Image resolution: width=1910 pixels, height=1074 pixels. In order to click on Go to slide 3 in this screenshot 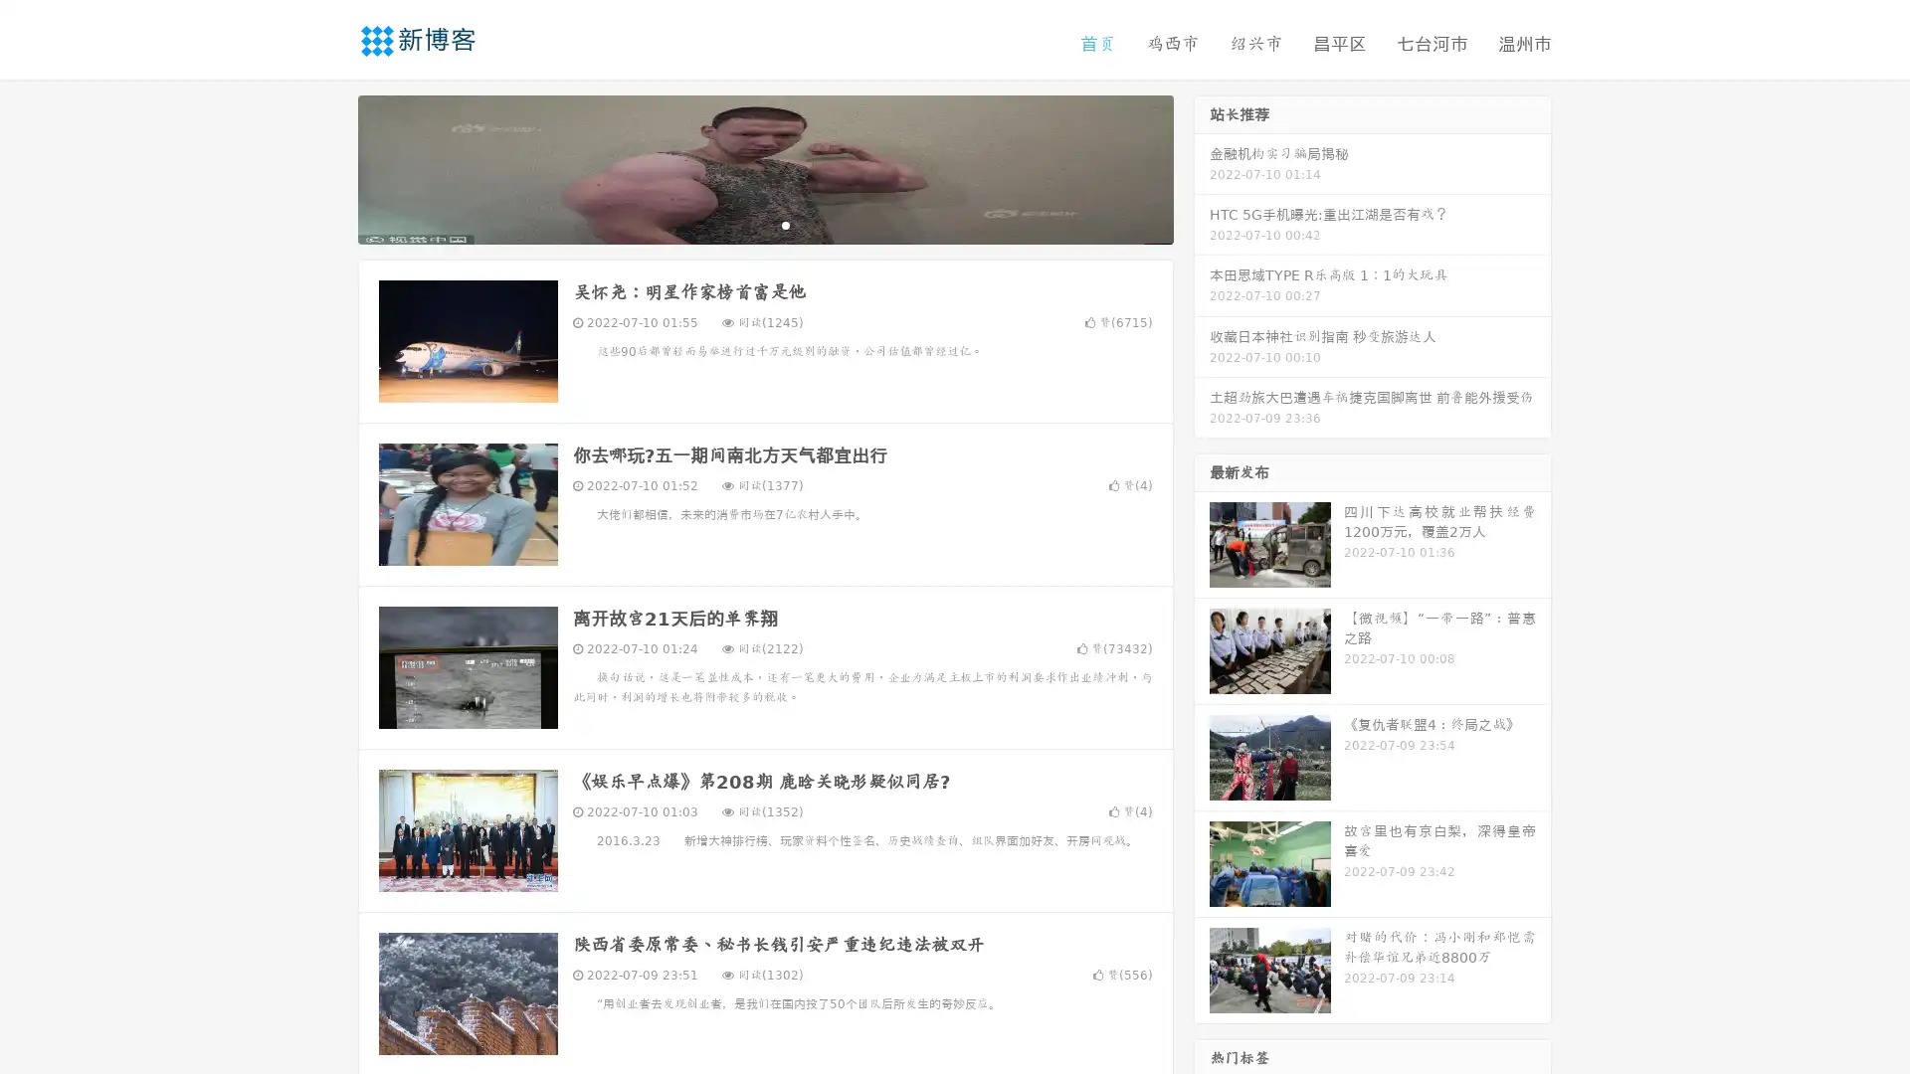, I will do `click(785, 224)`.